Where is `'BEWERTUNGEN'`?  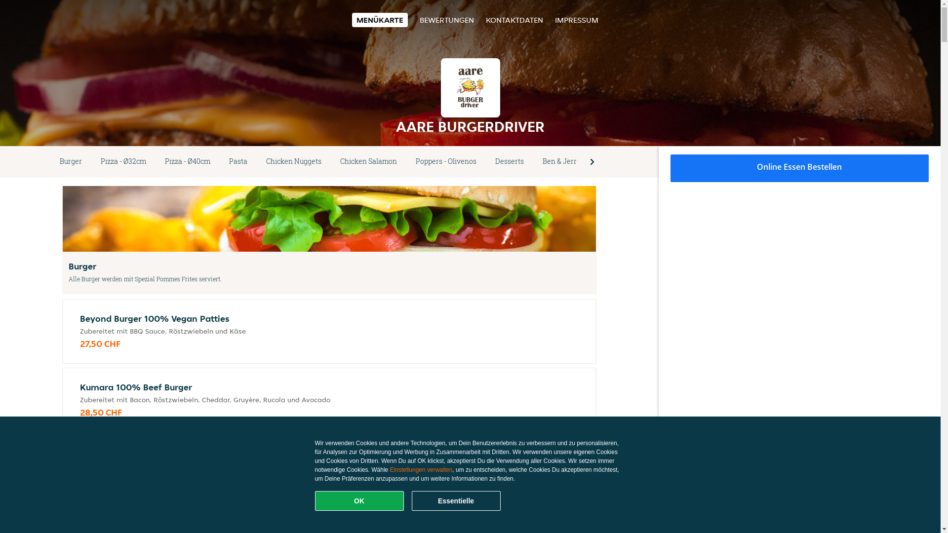 'BEWERTUNGEN' is located at coordinates (446, 20).